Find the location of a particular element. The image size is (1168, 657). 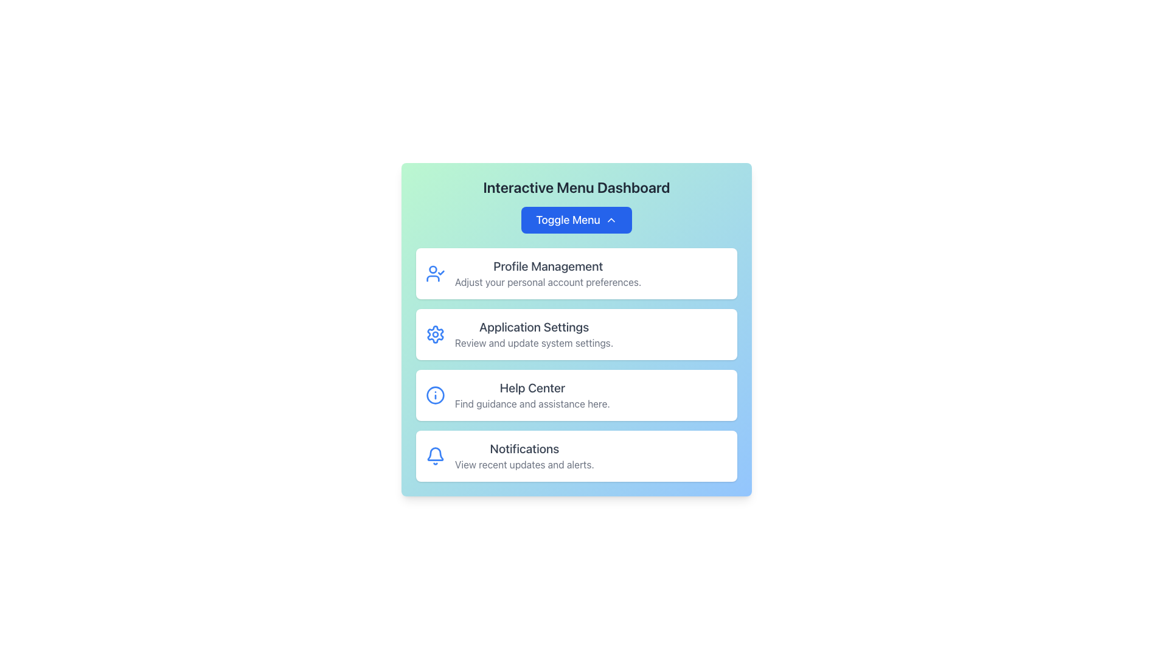

the blue information icon located above the 'Help Center' text is located at coordinates (435, 395).